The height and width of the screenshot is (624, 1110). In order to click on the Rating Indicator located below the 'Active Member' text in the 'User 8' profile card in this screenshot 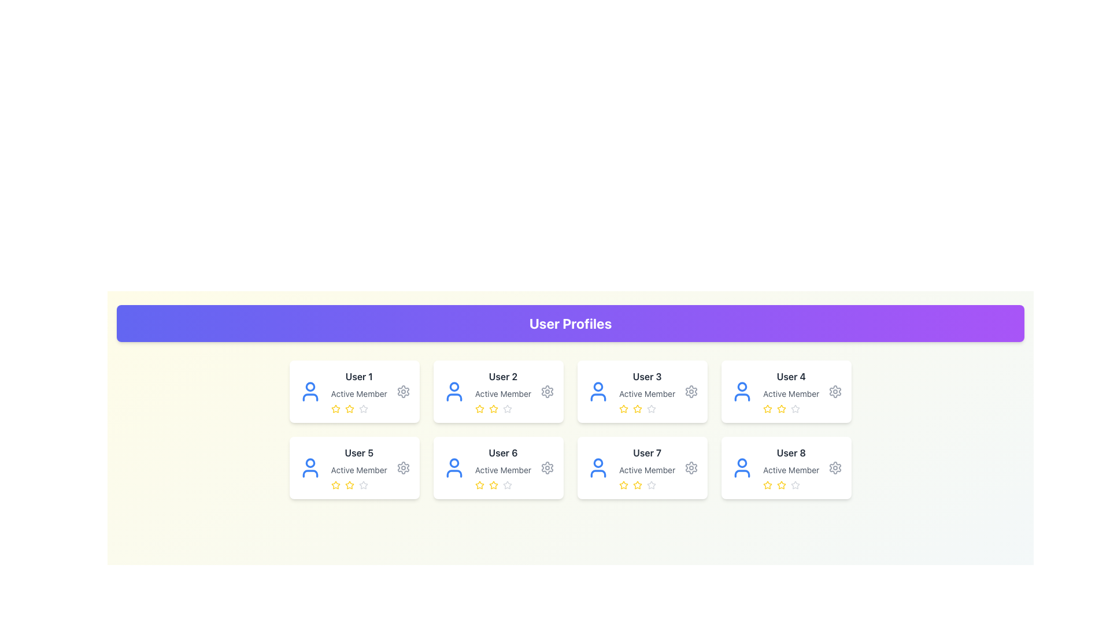, I will do `click(790, 485)`.